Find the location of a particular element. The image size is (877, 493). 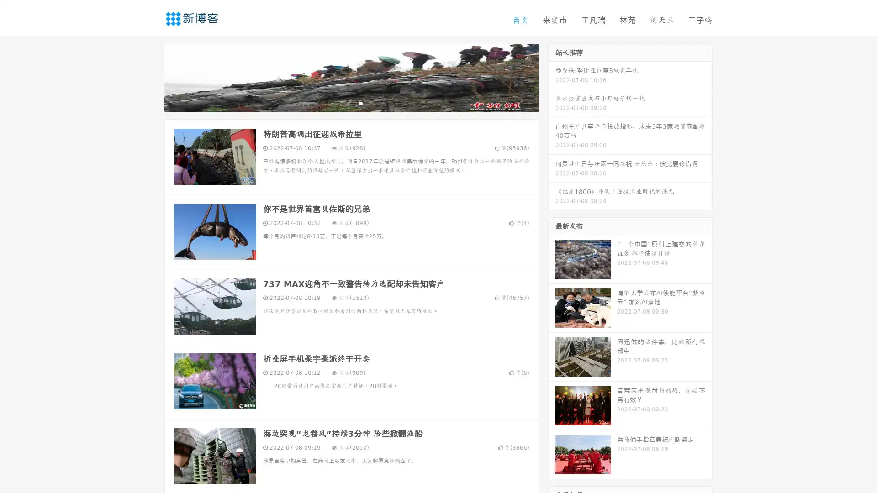

Go to slide 2 is located at coordinates (351, 103).